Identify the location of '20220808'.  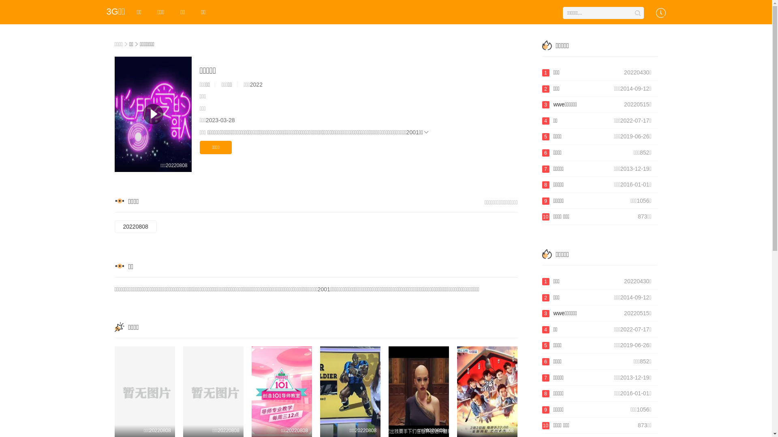
(135, 227).